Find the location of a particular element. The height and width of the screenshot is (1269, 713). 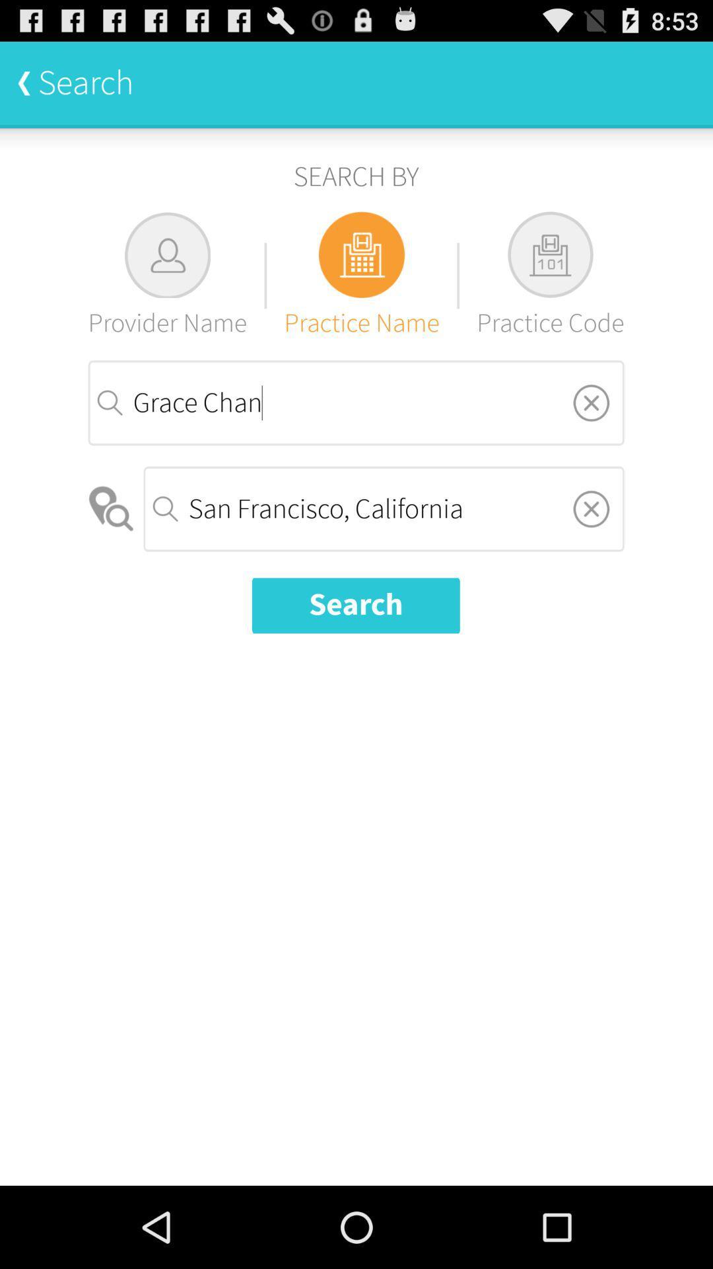

item below grace chan item is located at coordinates (384, 508).